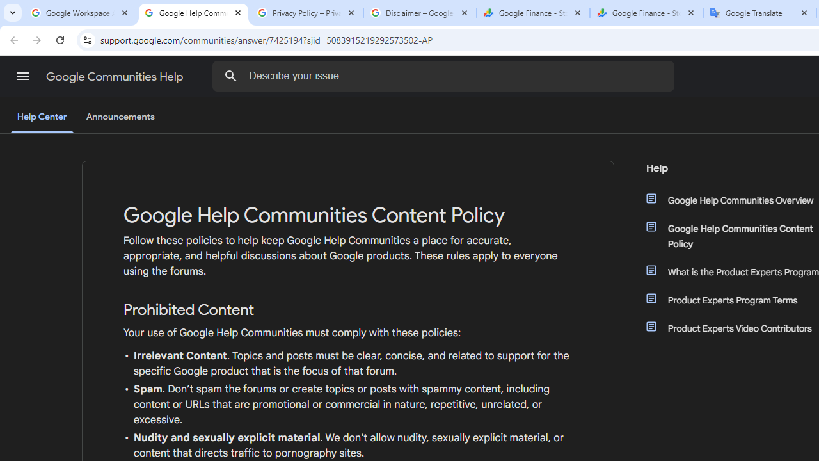 The height and width of the screenshot is (461, 819). What do you see at coordinates (120, 117) in the screenshot?
I see `'Announcements'` at bounding box center [120, 117].